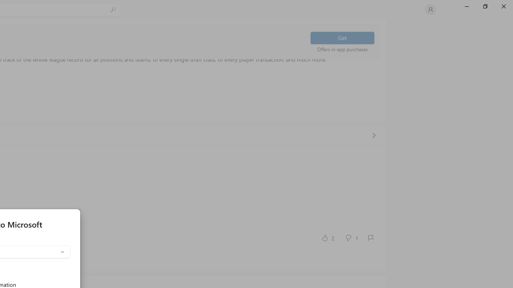  Describe the element at coordinates (351, 237) in the screenshot. I see `'No, this was not helpful. 1 votes.'` at that location.